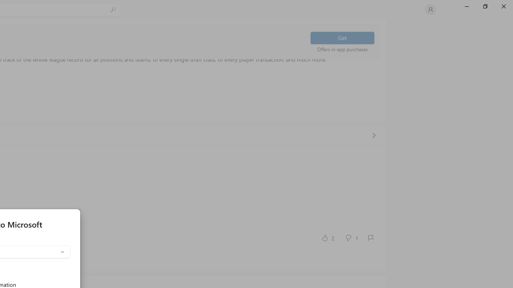  Describe the element at coordinates (351, 237) in the screenshot. I see `'No, this was not helpful. 1 votes.'` at that location.